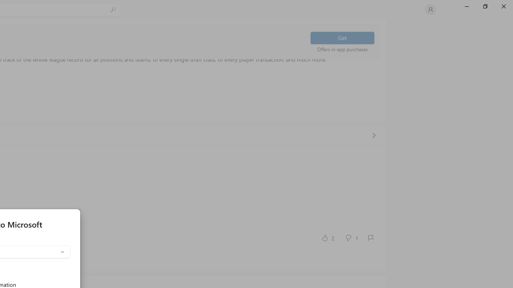  Describe the element at coordinates (351, 237) in the screenshot. I see `'No, this was not helpful. 1 votes.'` at that location.